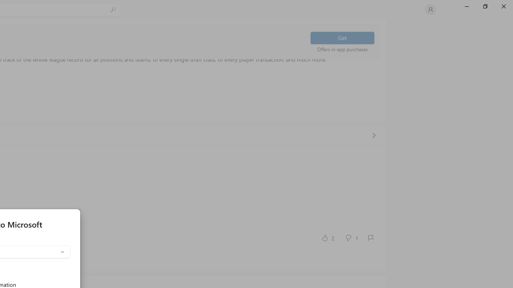  Describe the element at coordinates (351, 237) in the screenshot. I see `'No, this was not helpful. 1 votes.'` at that location.